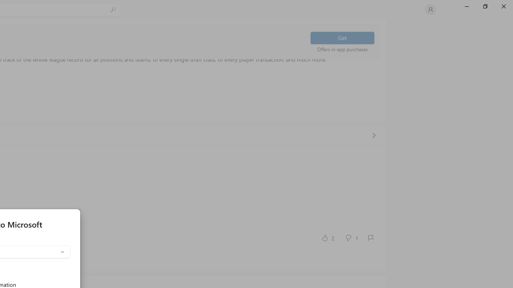  Describe the element at coordinates (351, 237) in the screenshot. I see `'No, this was not helpful. 1 votes.'` at that location.